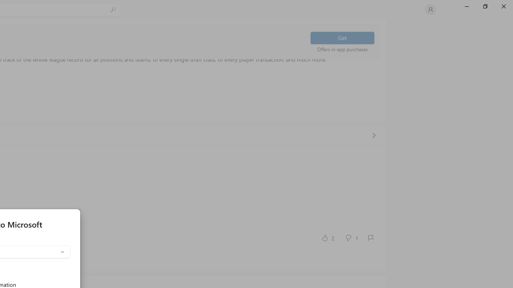  Describe the element at coordinates (351, 237) in the screenshot. I see `'No, this was not helpful. 1 votes.'` at that location.